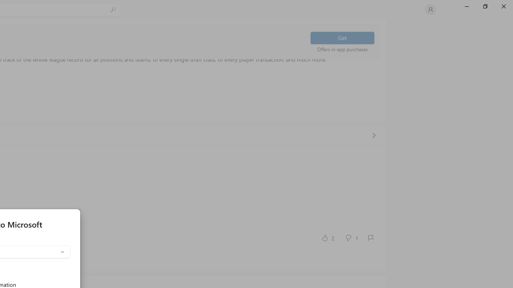  Describe the element at coordinates (351, 237) in the screenshot. I see `'No, this was not helpful. 1 votes.'` at that location.